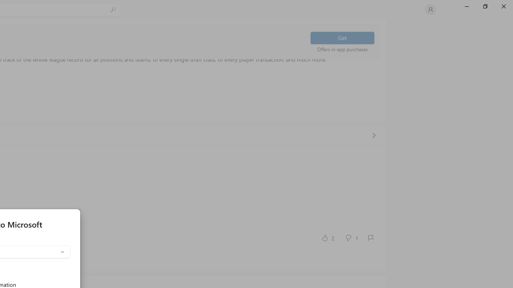  Describe the element at coordinates (351, 237) in the screenshot. I see `'No, this was not helpful. 1 votes.'` at that location.